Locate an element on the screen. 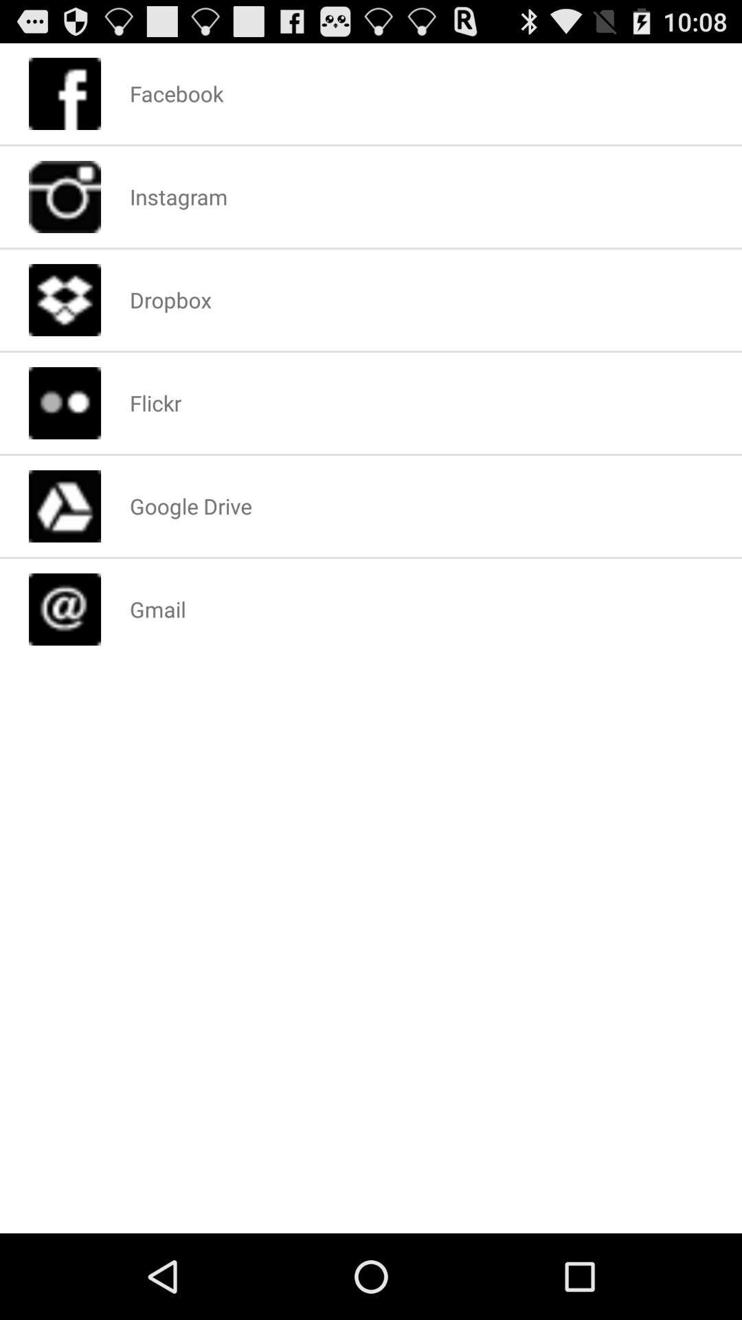  item below flickr icon is located at coordinates (190, 505).